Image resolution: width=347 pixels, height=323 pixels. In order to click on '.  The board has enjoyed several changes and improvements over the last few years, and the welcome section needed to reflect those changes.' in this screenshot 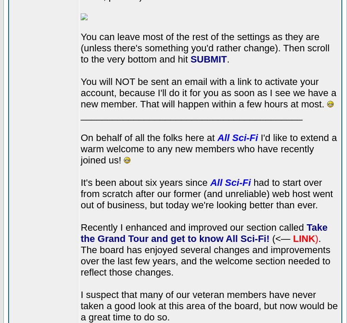, I will do `click(205, 254)`.